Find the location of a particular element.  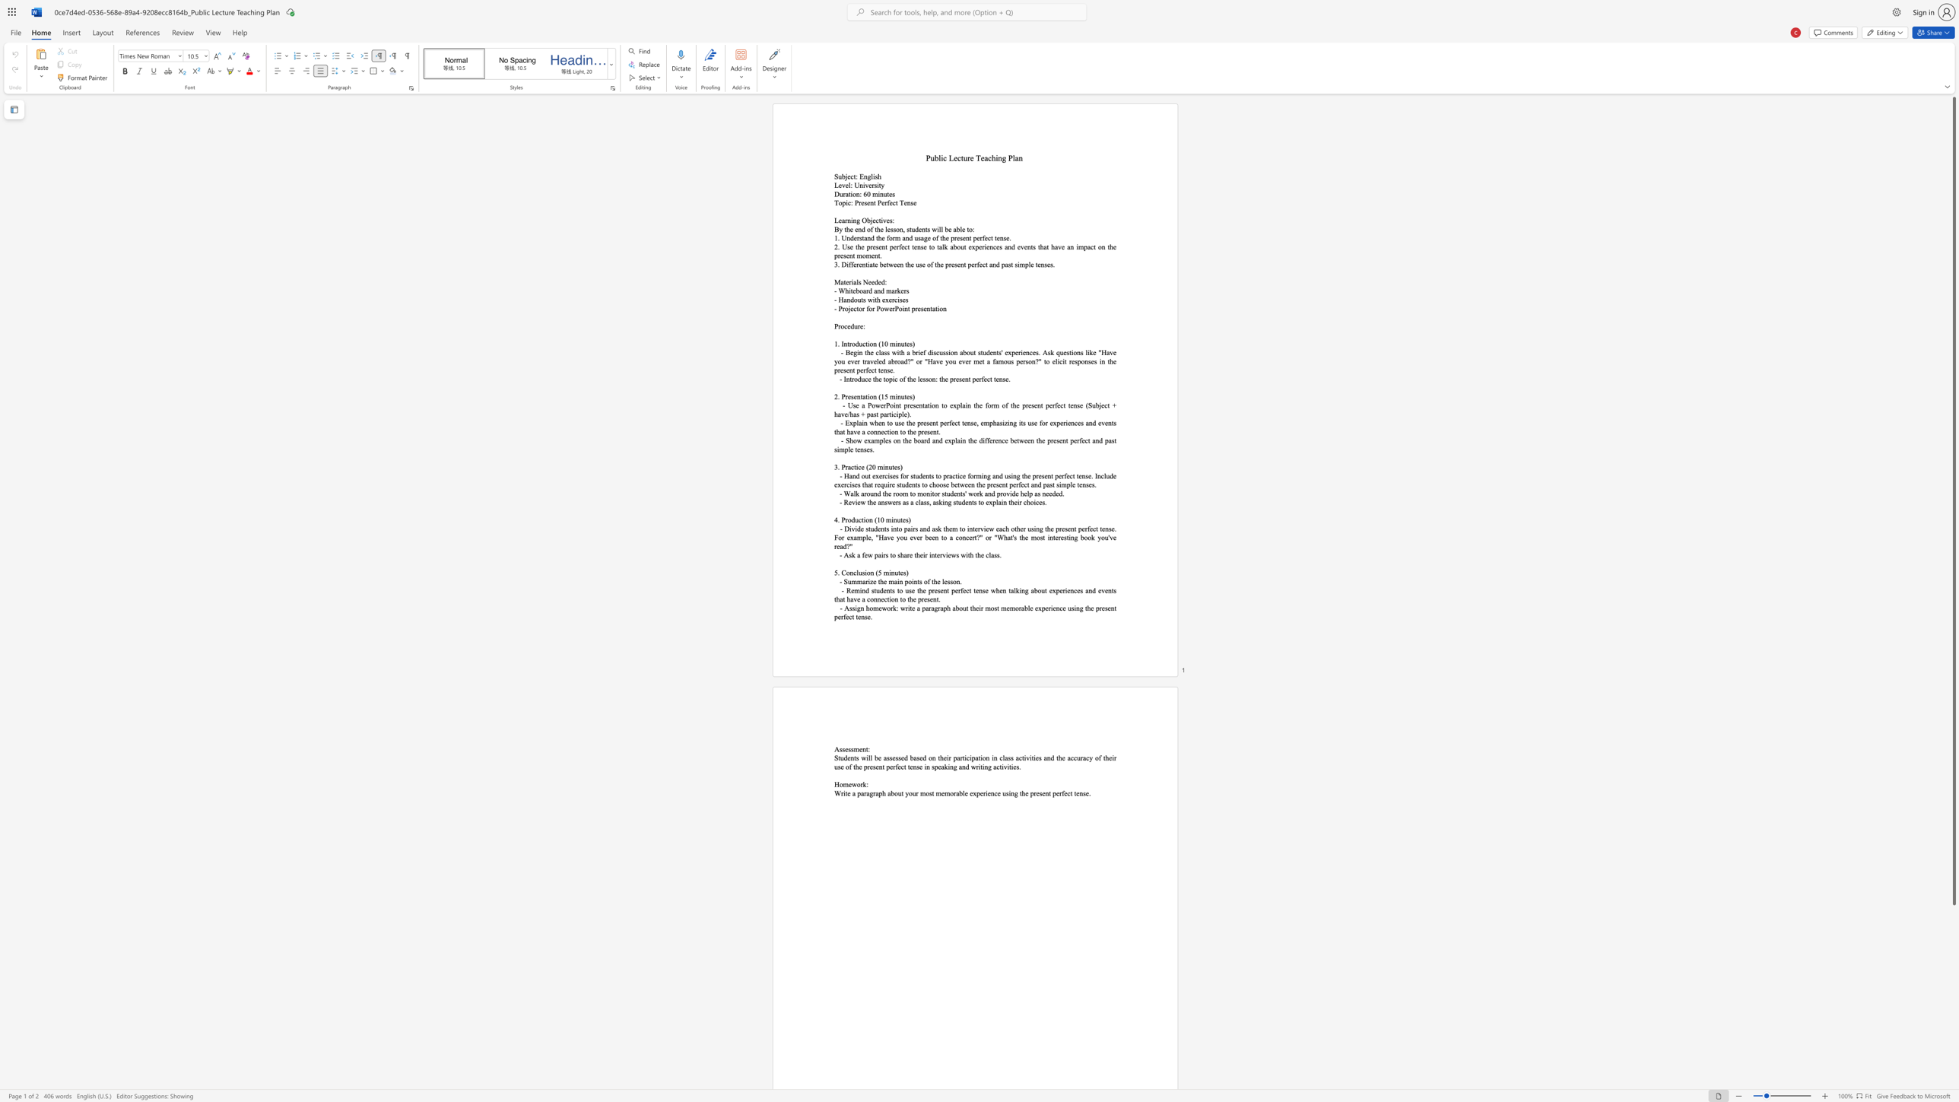

the 2th character "p" in the text is located at coordinates (1030, 493).